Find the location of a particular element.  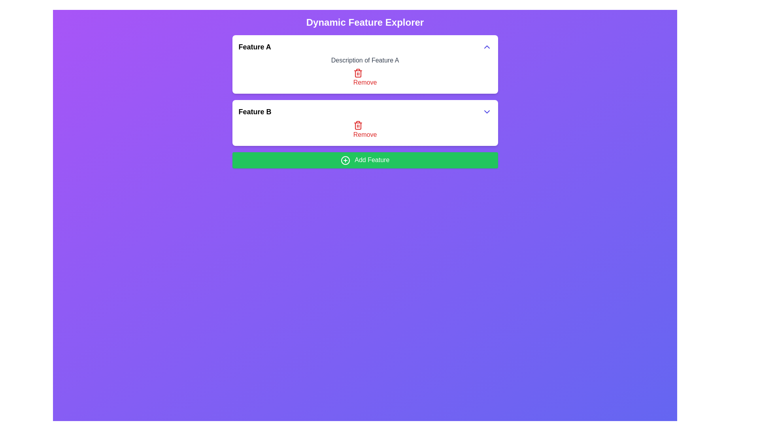

the delete button located at the bottom-right corner of the 'Feature B' section is located at coordinates (364, 129).